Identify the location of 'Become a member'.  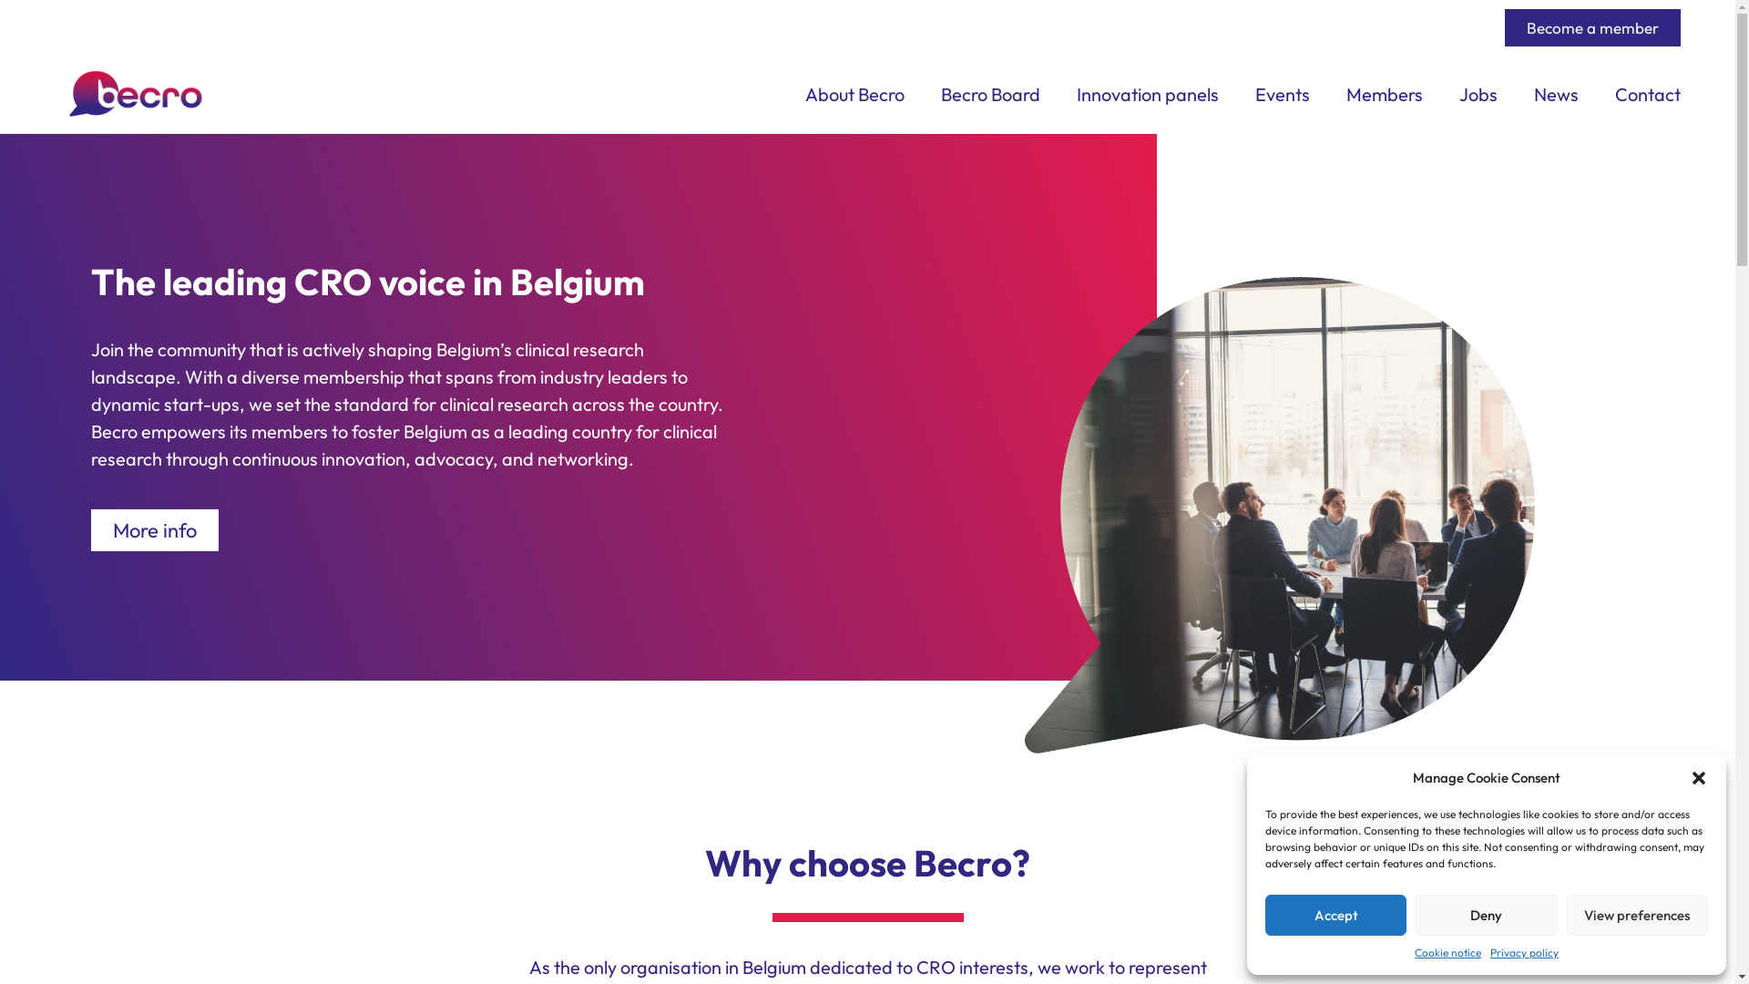
(1591, 27).